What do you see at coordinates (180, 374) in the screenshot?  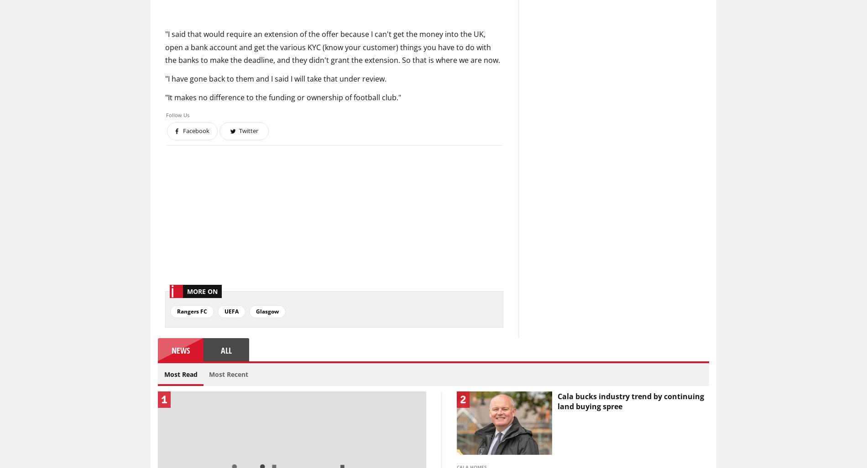 I see `'Most Read'` at bounding box center [180, 374].